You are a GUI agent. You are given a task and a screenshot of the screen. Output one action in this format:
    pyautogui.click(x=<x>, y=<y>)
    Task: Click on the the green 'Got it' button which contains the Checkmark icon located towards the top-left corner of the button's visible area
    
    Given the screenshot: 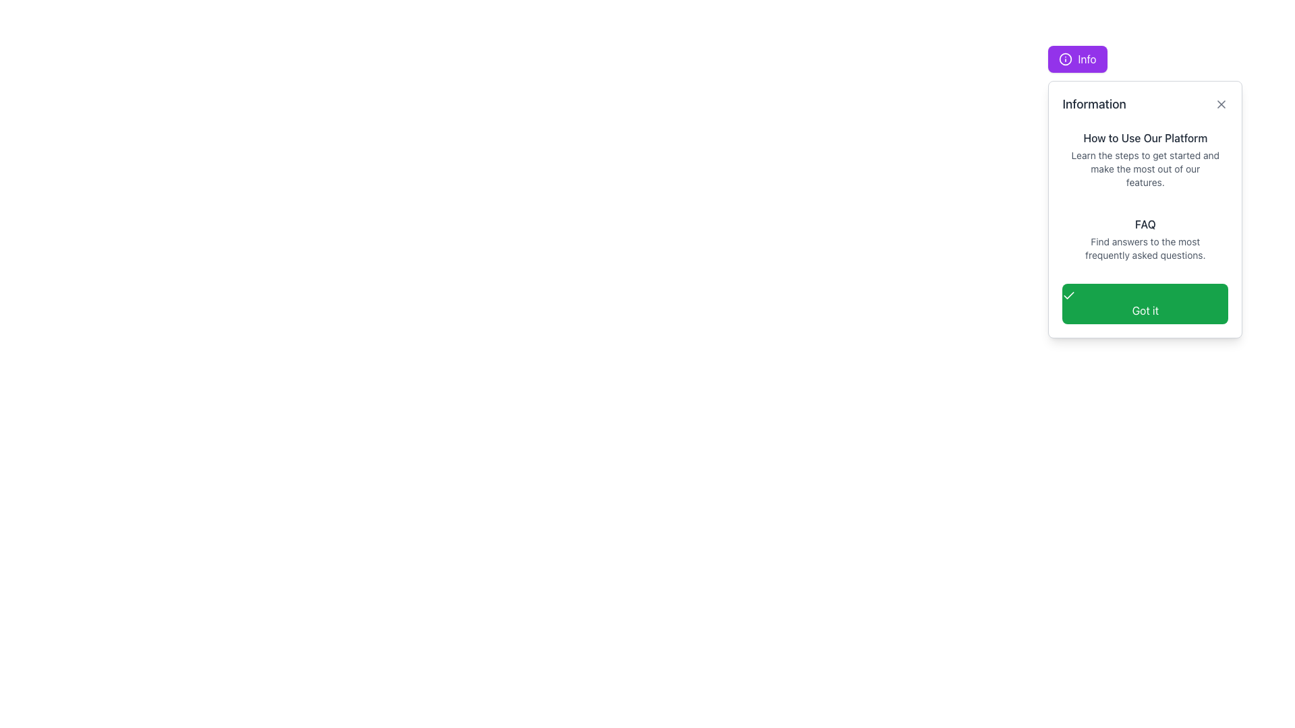 What is the action you would take?
    pyautogui.click(x=1068, y=295)
    